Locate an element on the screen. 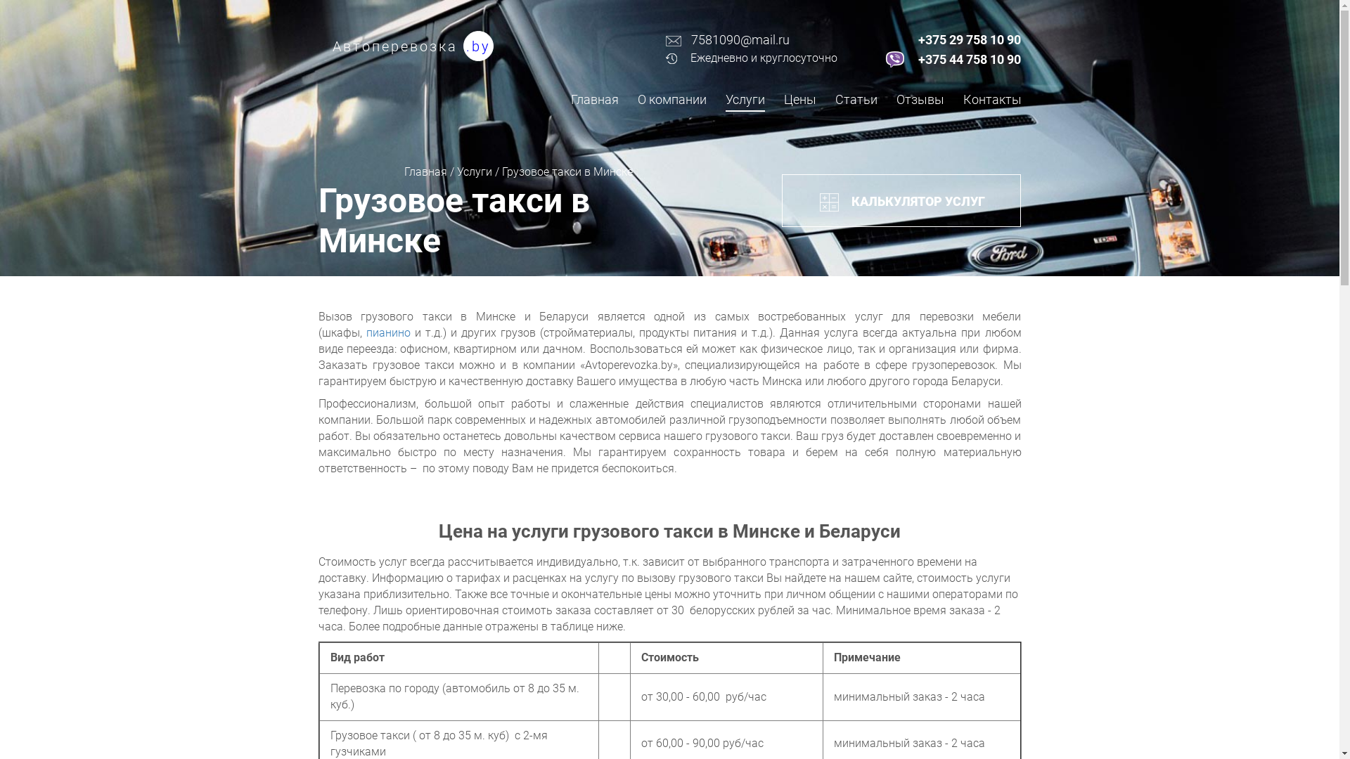  '+375 44 758 10 90' is located at coordinates (968, 58).